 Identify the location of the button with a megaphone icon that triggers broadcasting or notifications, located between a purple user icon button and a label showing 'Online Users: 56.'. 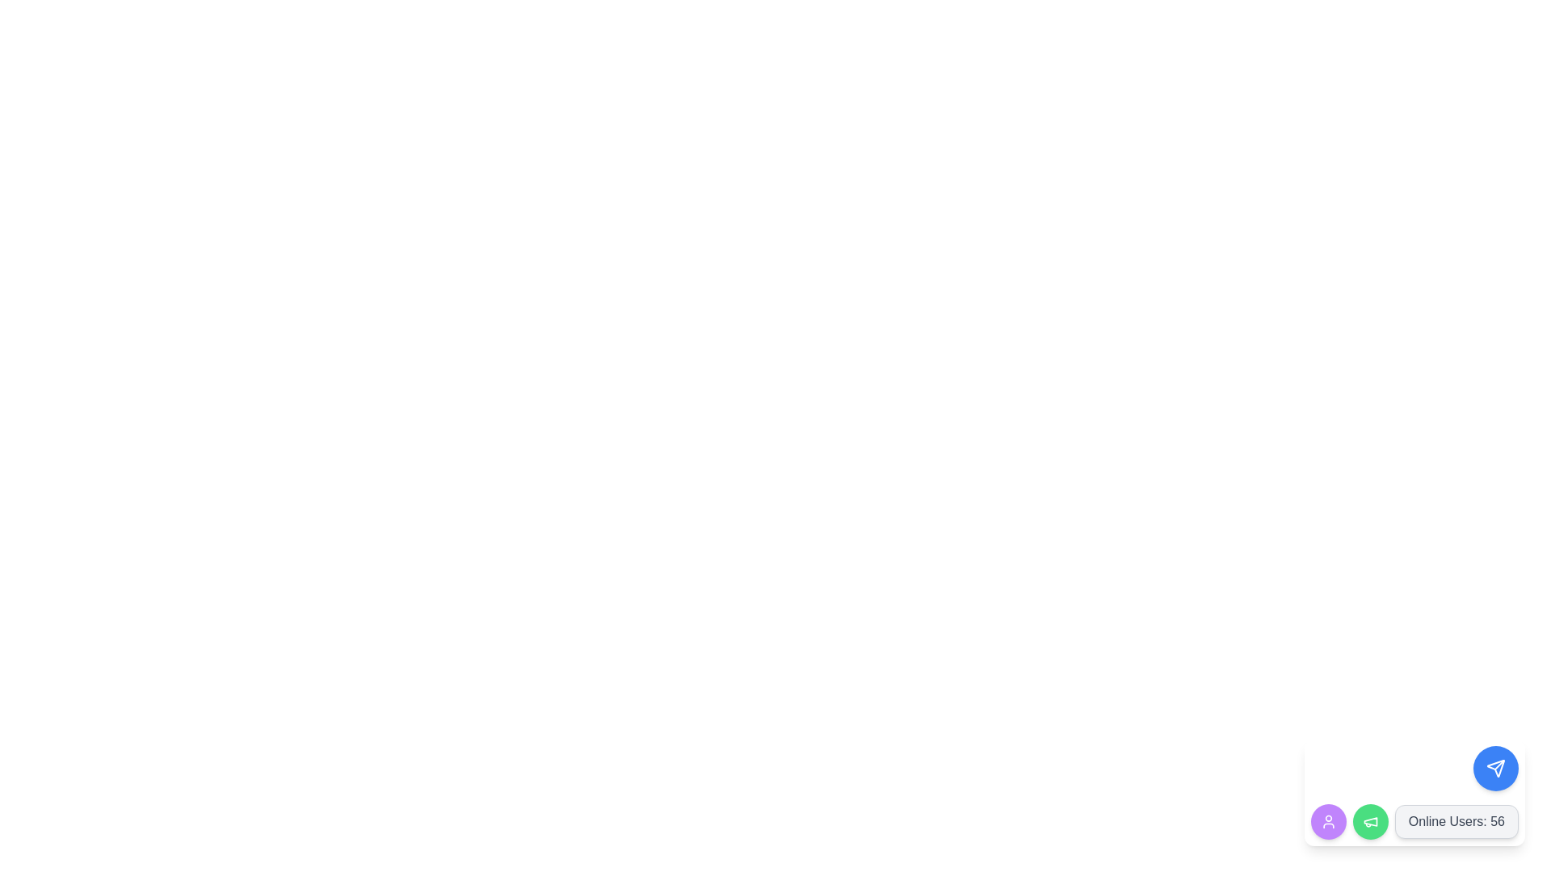
(1369, 822).